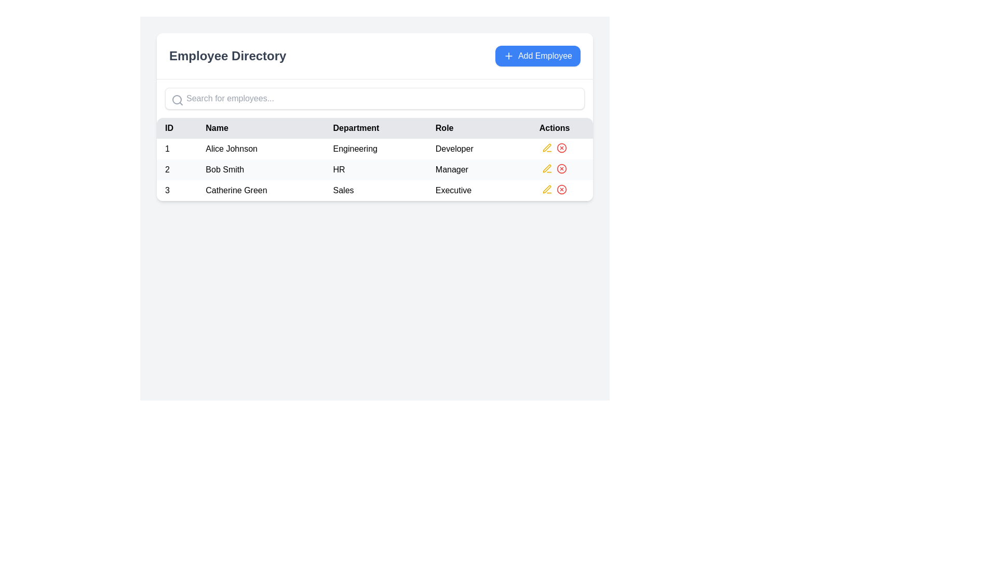  I want to click on the circular red icon with a white cross symbol, located in the 'Actions' column of the second row under 'Bob Smith' in the 'Employee Directory' interface, so click(561, 168).